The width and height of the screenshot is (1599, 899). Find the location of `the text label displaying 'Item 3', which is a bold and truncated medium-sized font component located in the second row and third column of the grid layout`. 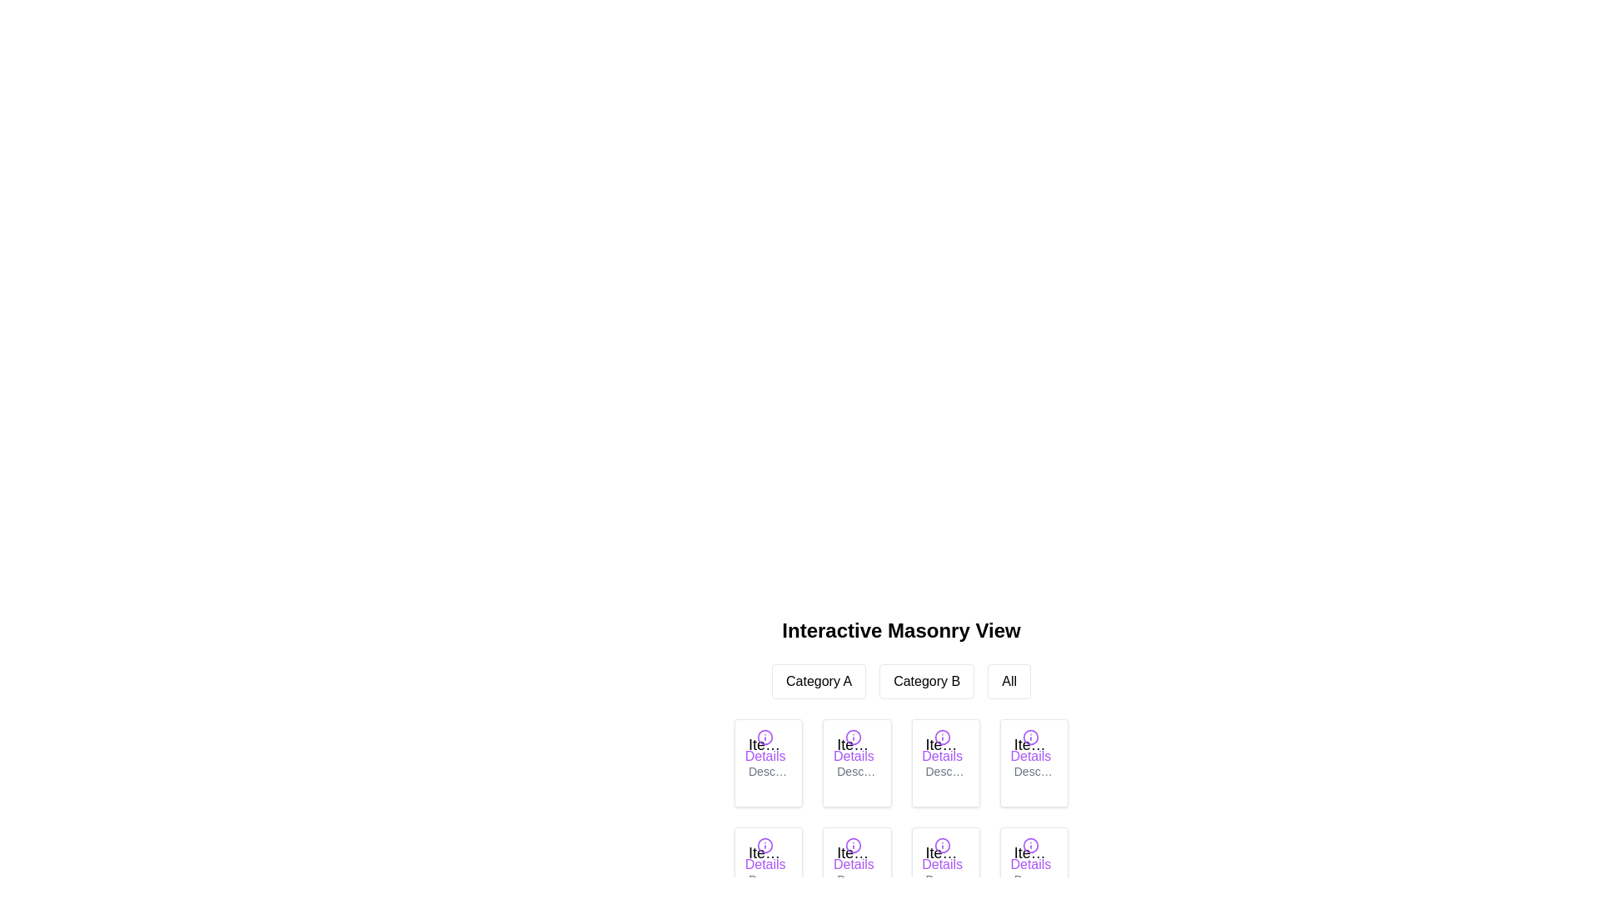

the text label displaying 'Item 3', which is a bold and truncated medium-sized font component located in the second row and third column of the grid layout is located at coordinates (945, 743).